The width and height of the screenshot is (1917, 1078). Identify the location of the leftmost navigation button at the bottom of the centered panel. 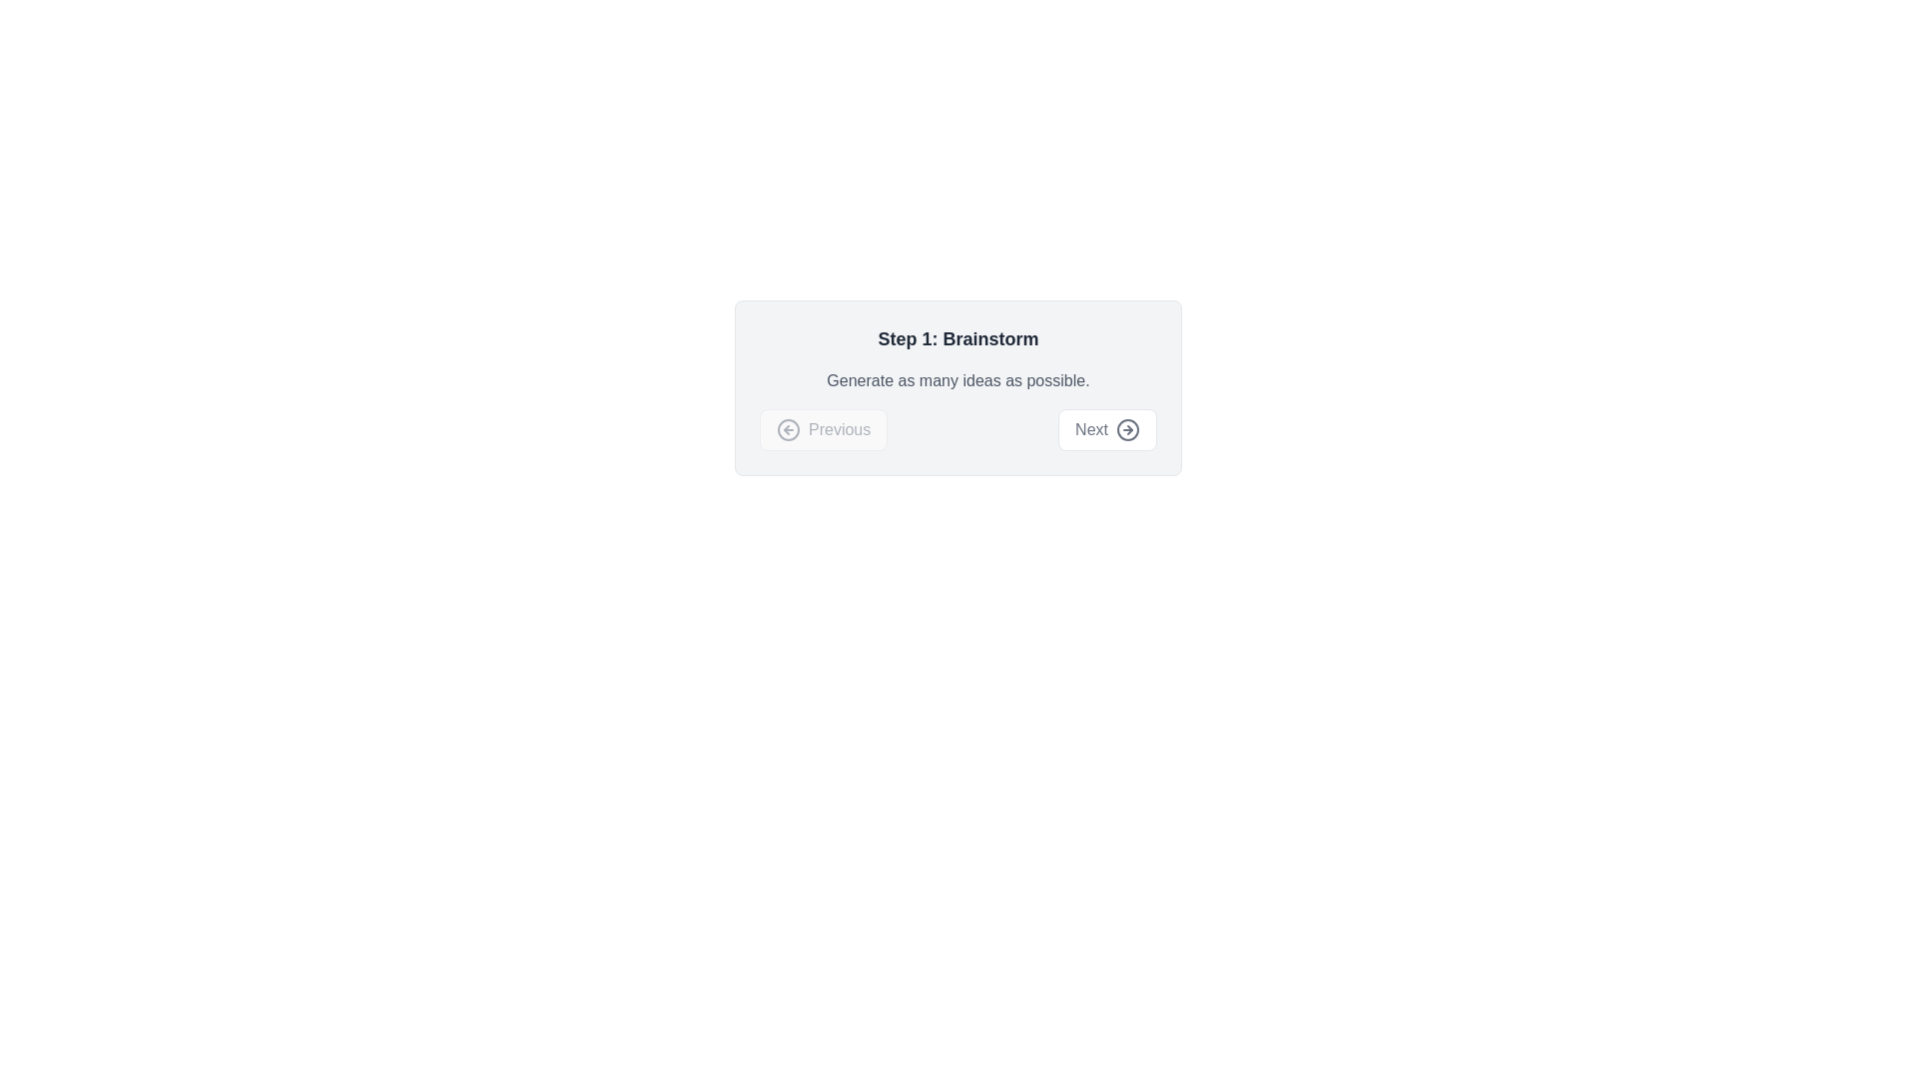
(824, 429).